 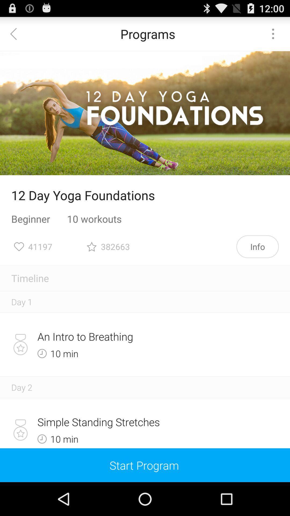 What do you see at coordinates (145, 113) in the screenshot?
I see `item above 12 day yoga item` at bounding box center [145, 113].